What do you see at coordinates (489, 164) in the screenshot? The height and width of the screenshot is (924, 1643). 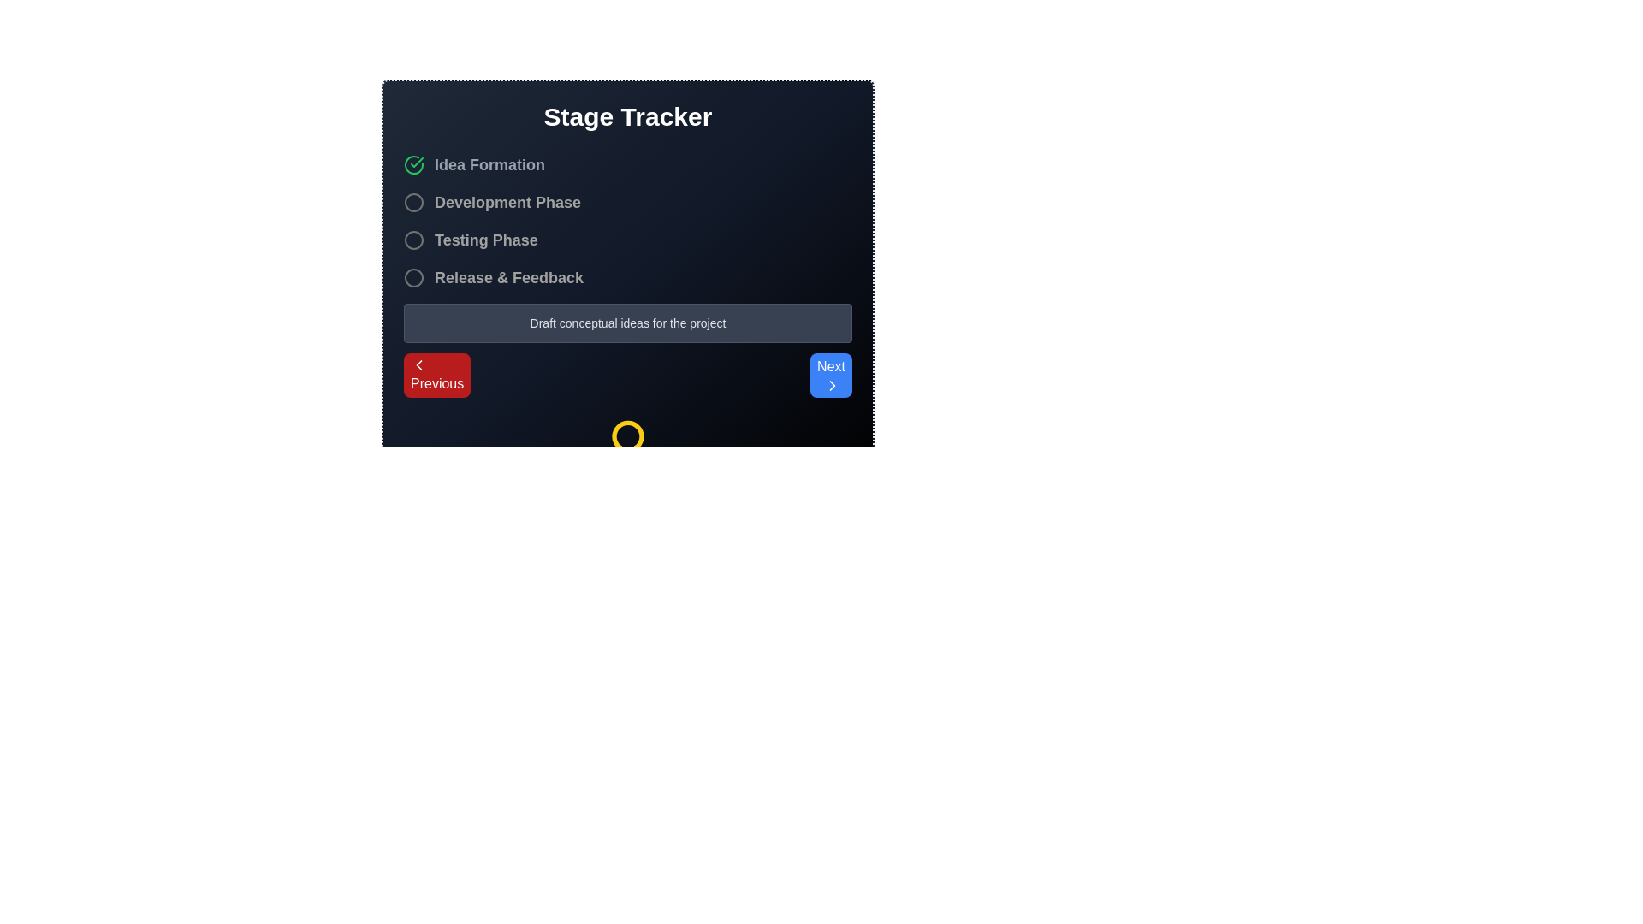 I see `the non-interactive text label indicating the current phase in the 'Stage Tracker' section, which is the first item in the vertical stack` at bounding box center [489, 164].